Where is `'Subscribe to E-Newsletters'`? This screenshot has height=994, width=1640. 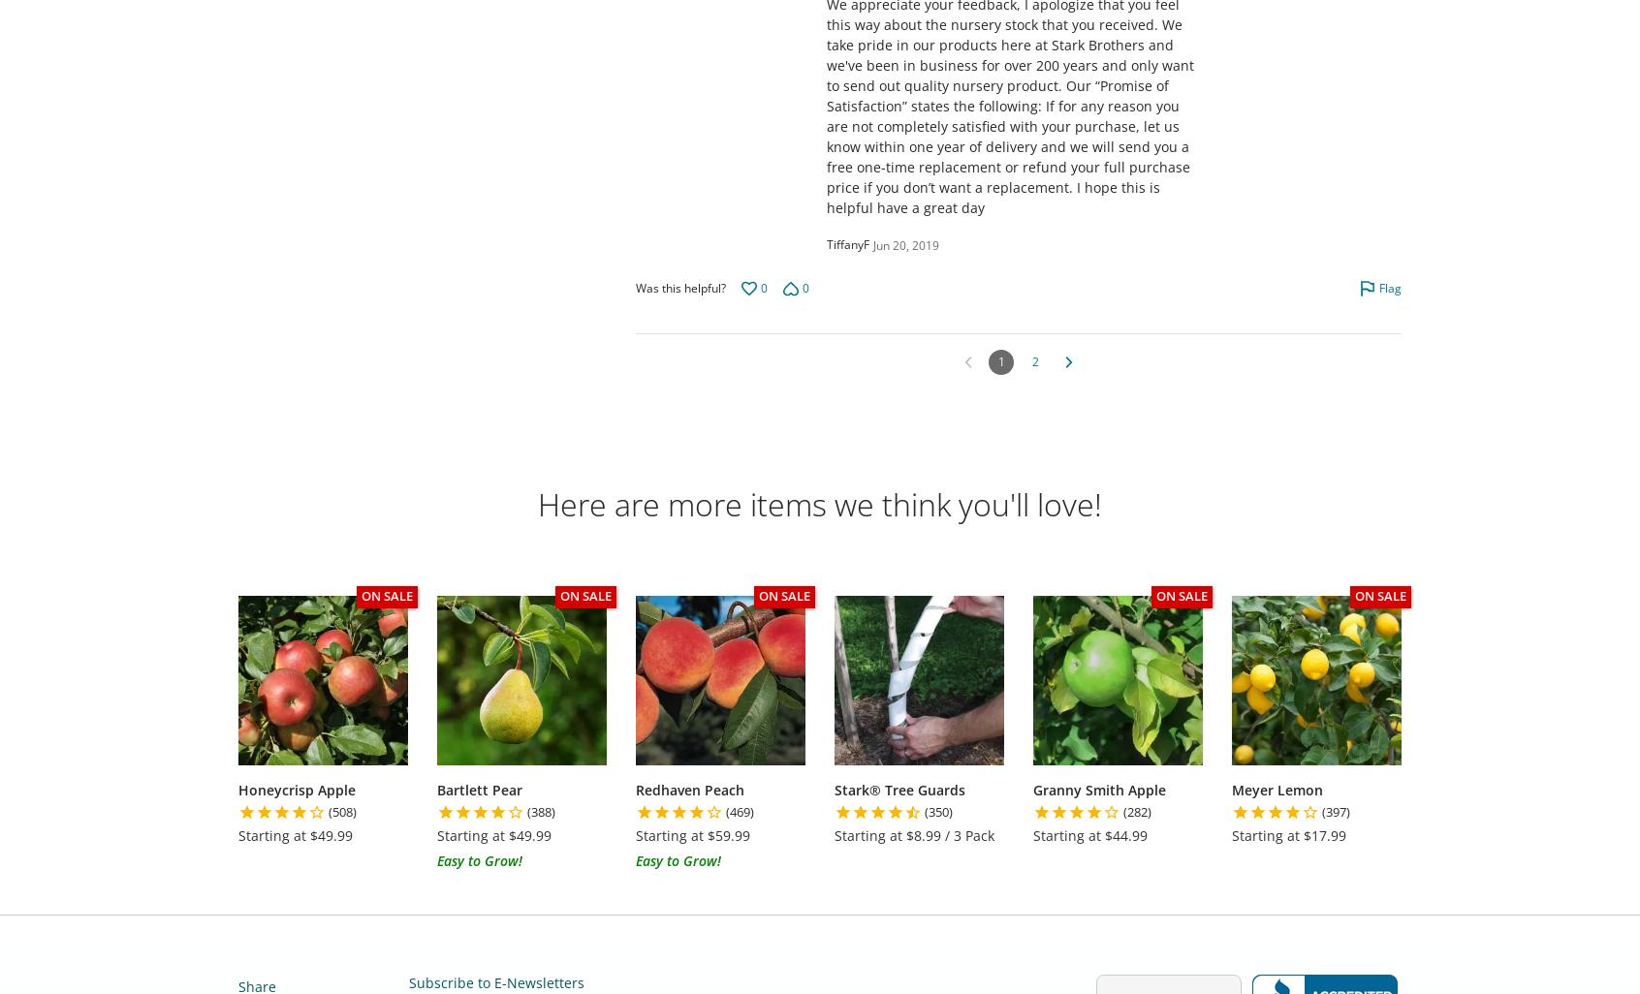 'Subscribe to E-Newsletters' is located at coordinates (496, 980).